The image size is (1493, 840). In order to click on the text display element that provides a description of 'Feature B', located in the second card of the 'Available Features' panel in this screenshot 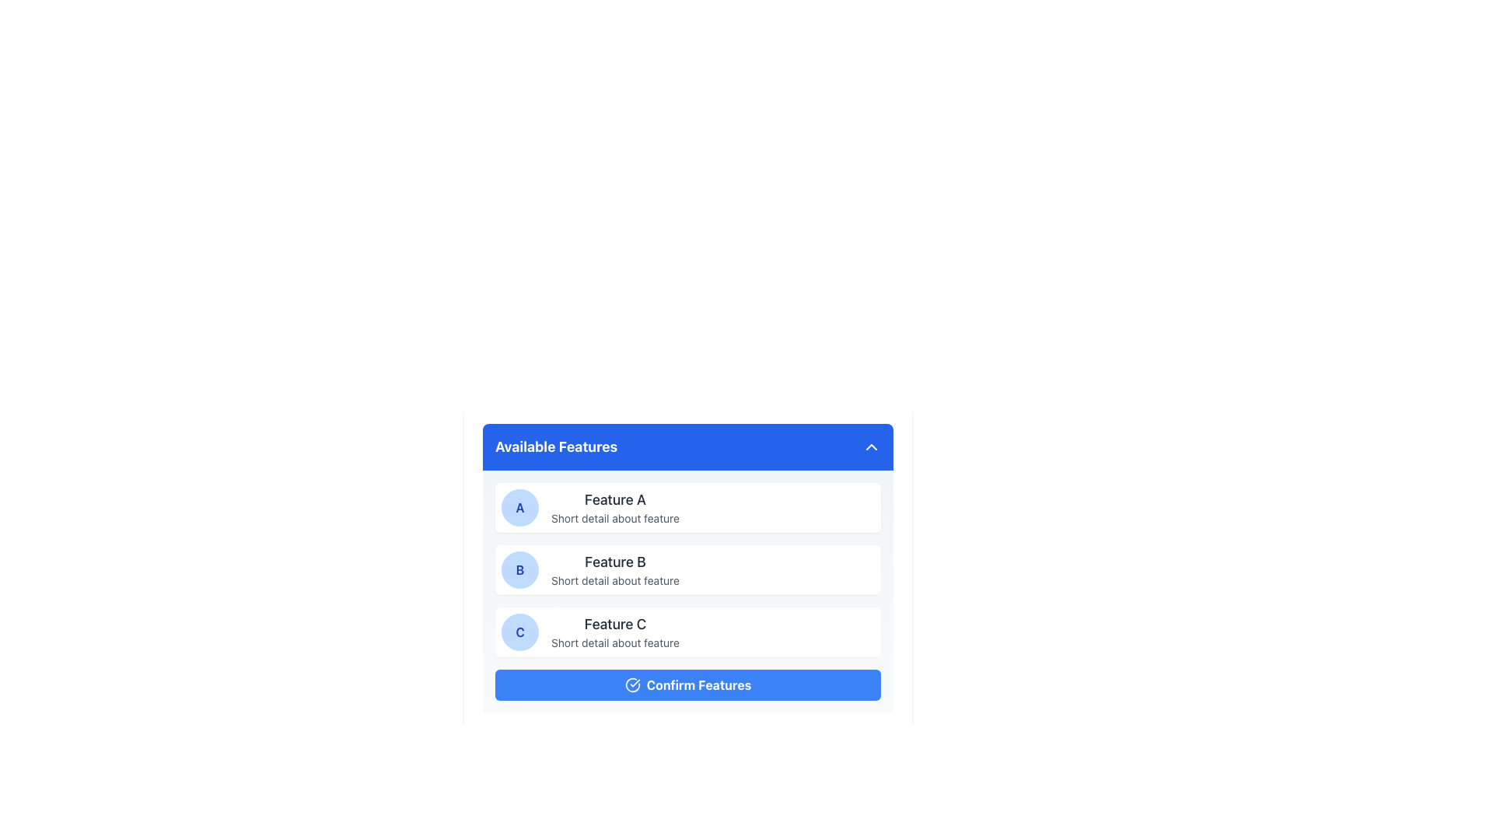, I will do `click(614, 569)`.